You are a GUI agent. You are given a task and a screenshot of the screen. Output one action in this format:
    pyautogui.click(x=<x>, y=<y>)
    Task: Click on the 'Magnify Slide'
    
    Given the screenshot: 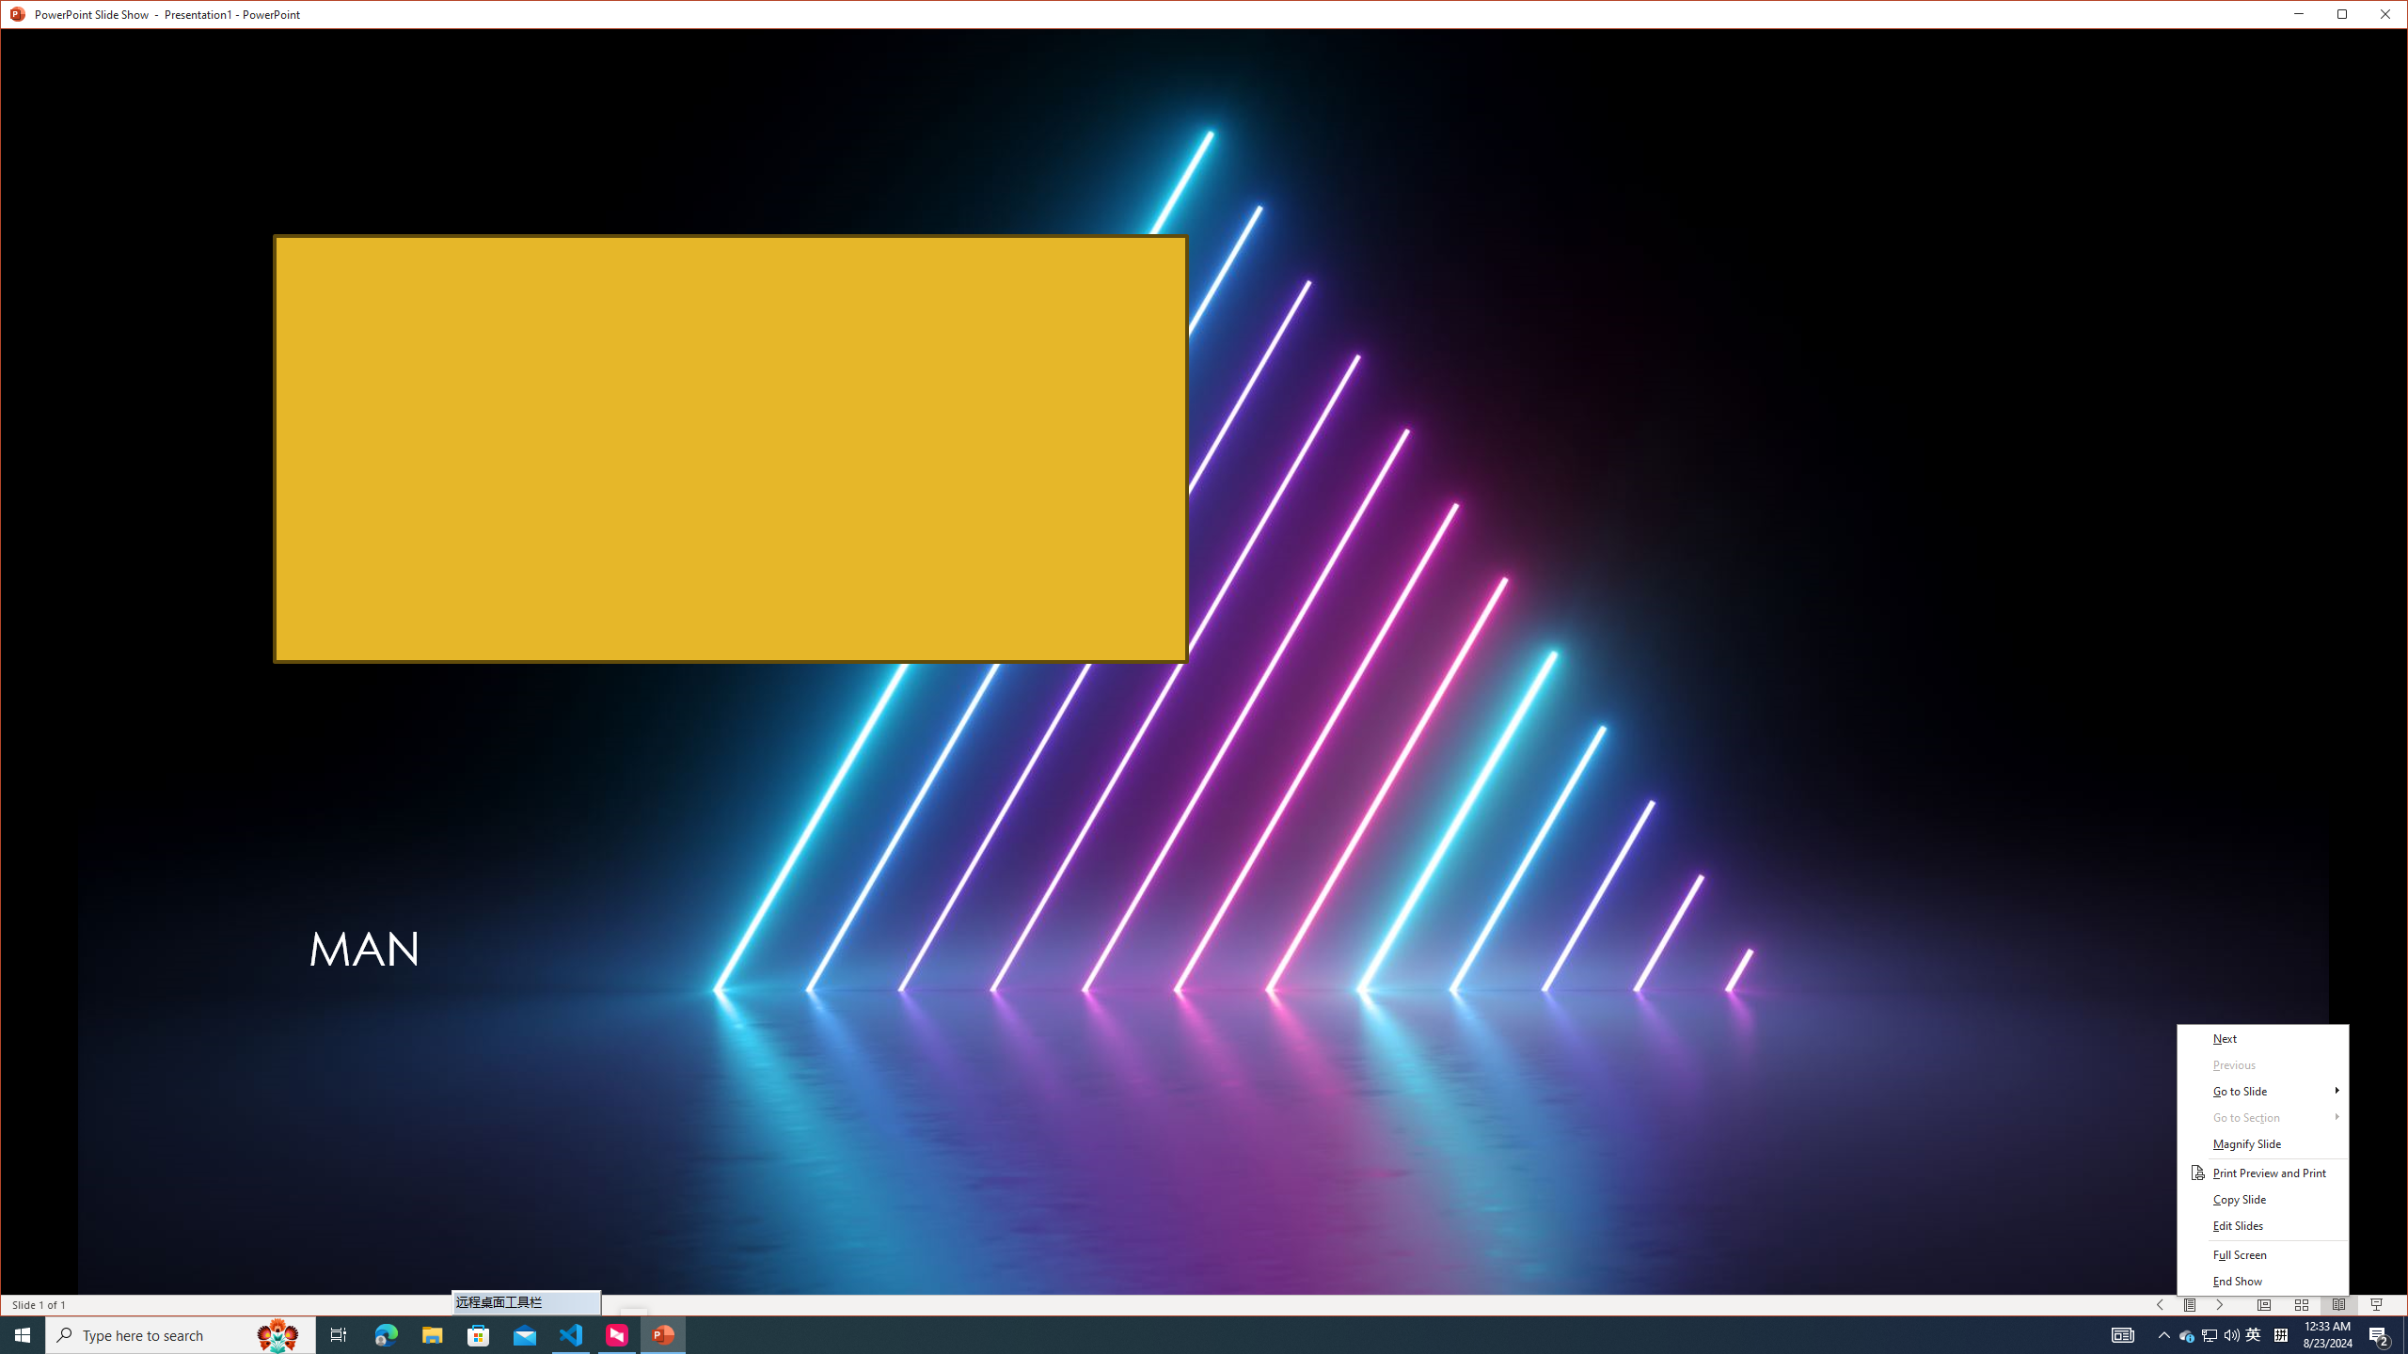 What is the action you would take?
    pyautogui.click(x=2262, y=1142)
    